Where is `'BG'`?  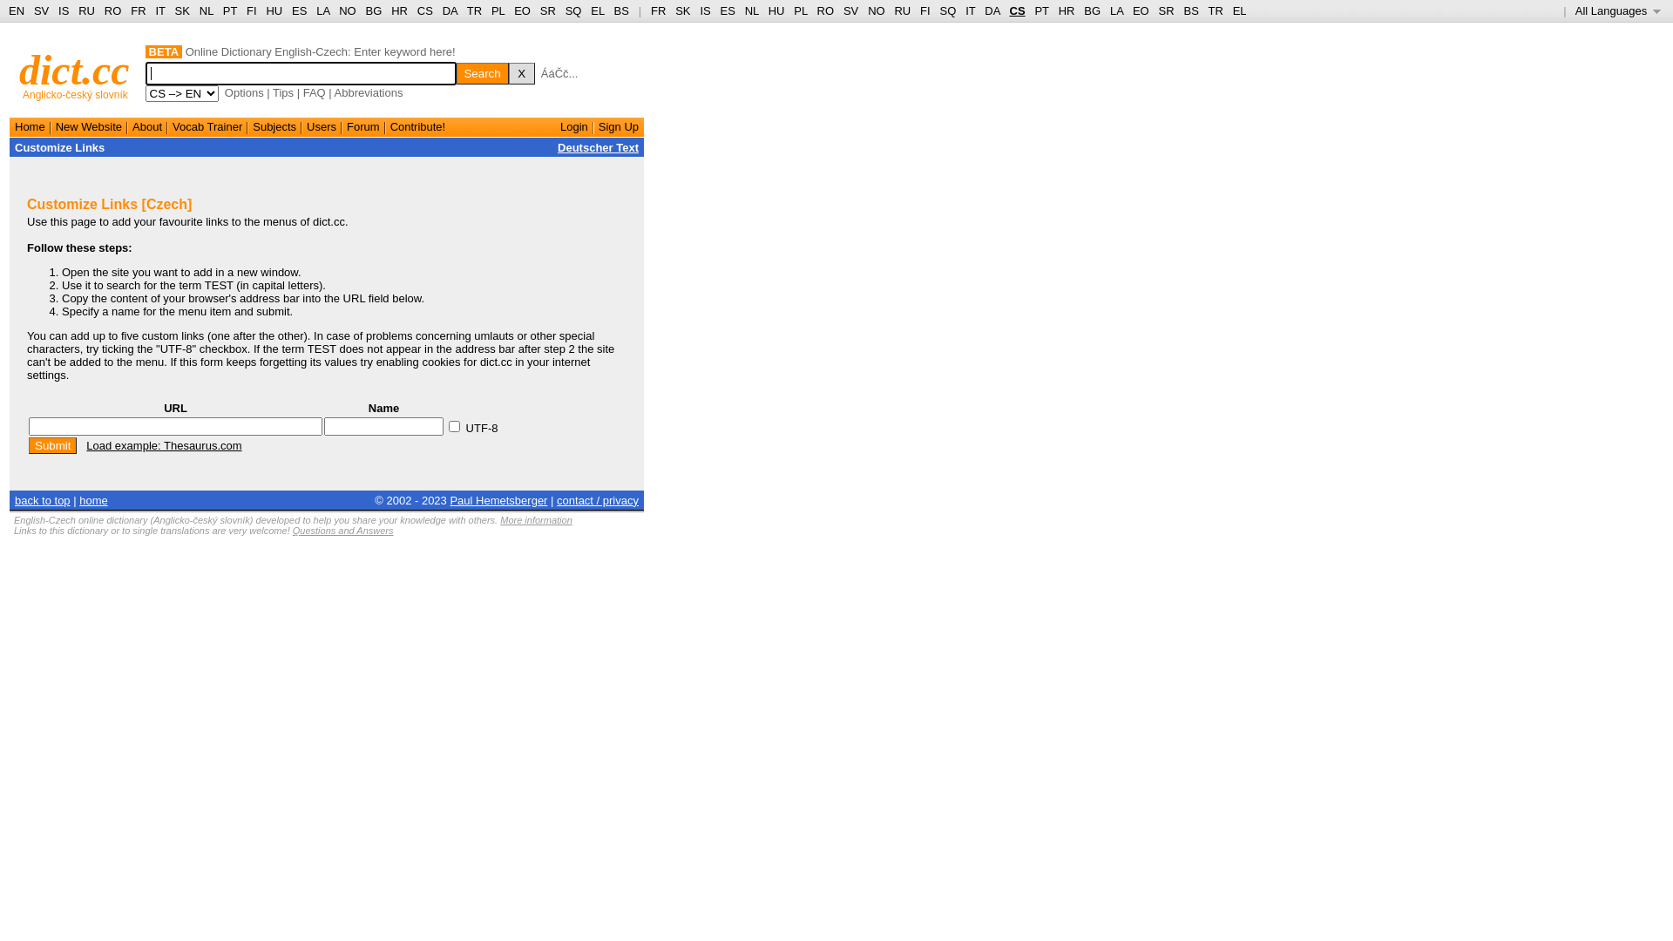 'BG' is located at coordinates (373, 10).